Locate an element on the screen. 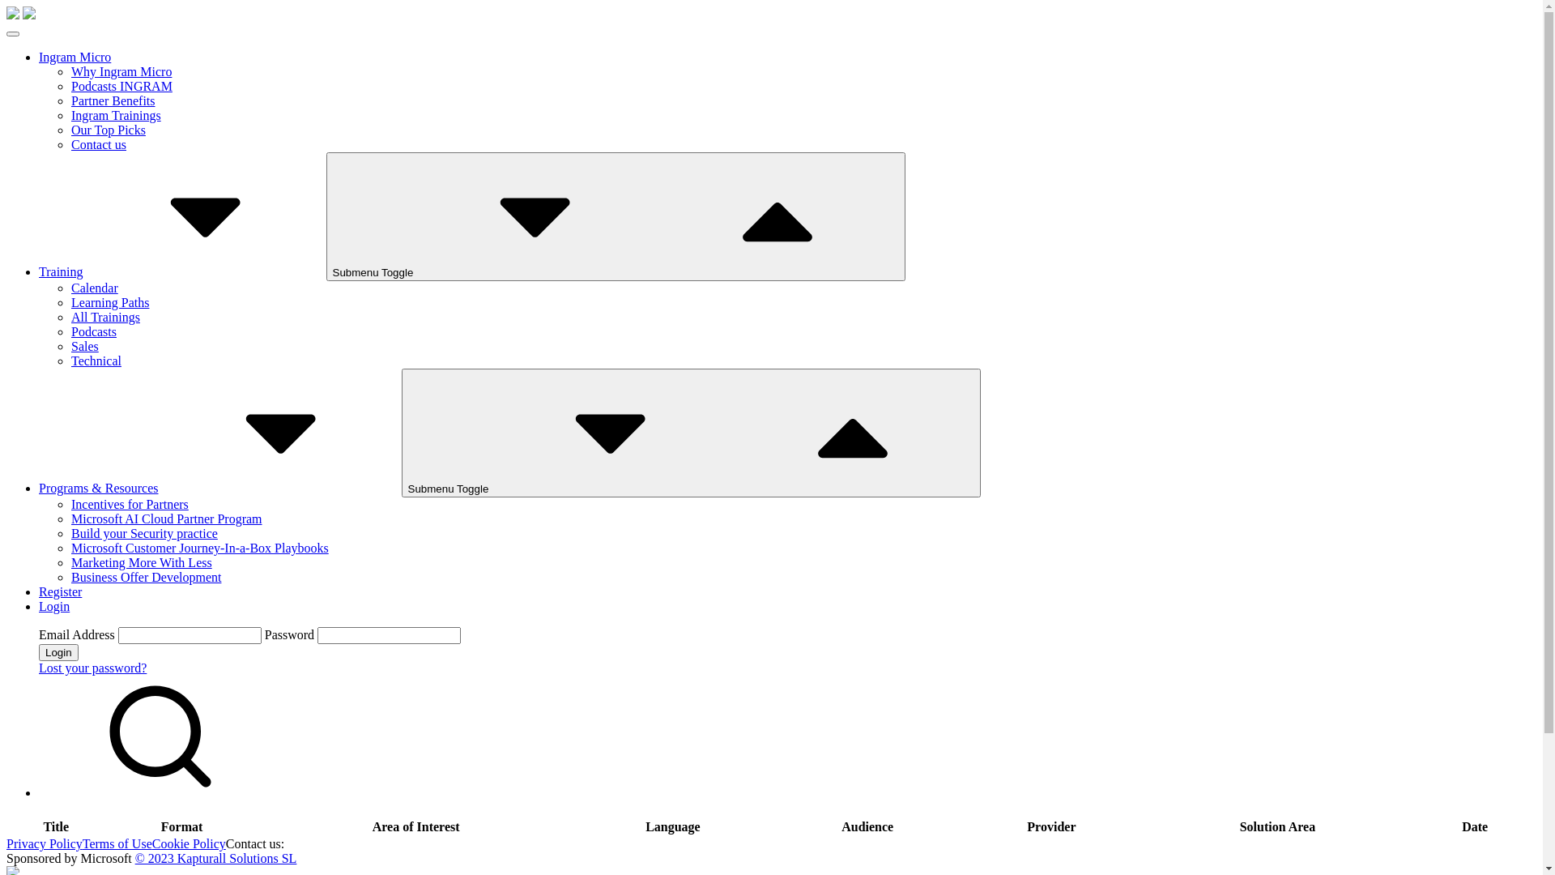 The height and width of the screenshot is (875, 1555). 'Contact us:' is located at coordinates (254, 843).